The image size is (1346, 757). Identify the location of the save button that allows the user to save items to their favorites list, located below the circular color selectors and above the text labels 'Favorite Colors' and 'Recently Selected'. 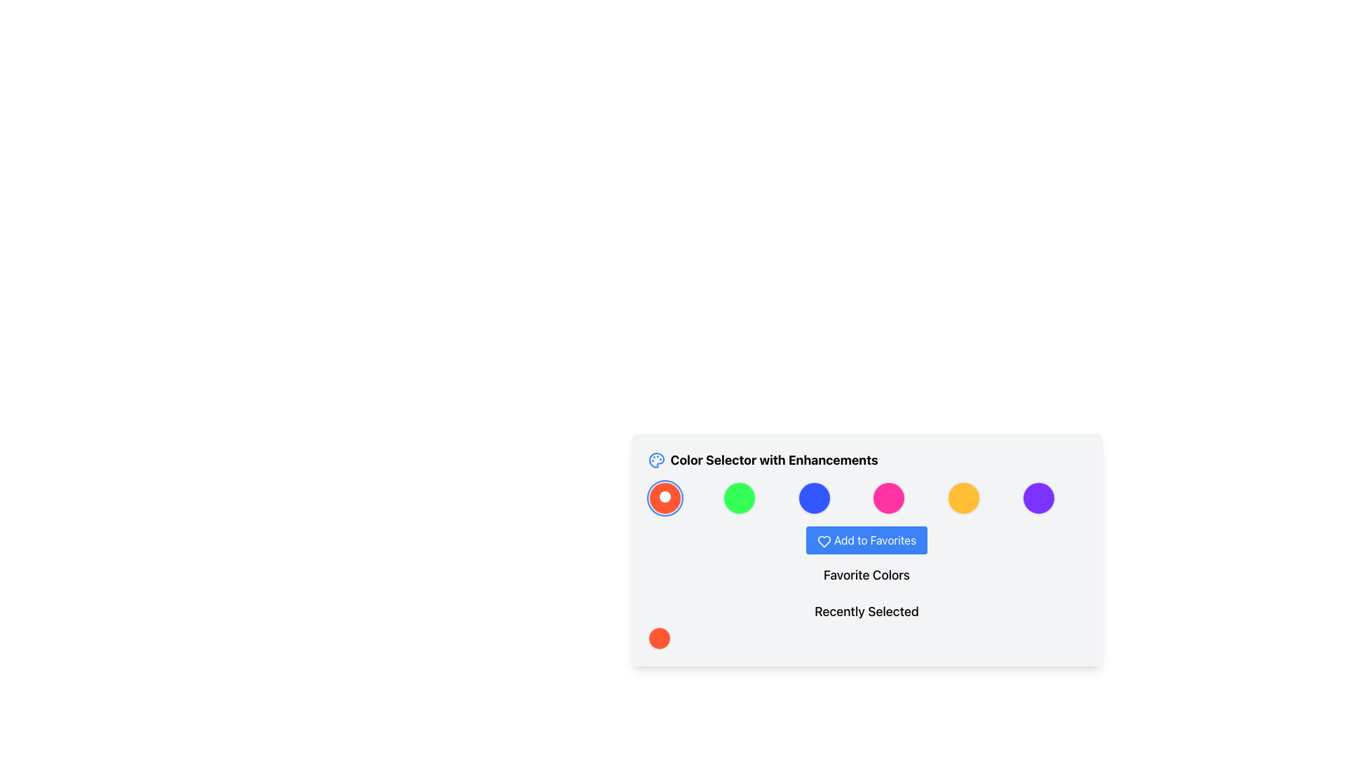
(866, 550).